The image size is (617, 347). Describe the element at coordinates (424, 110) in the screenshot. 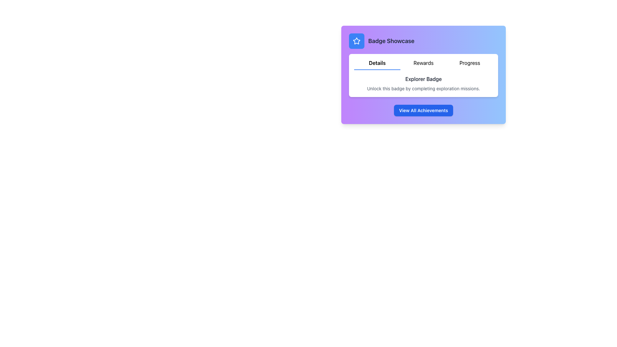

I see `the button that navigates to the achievements section within the 'Badge Showcase' panel to enable keyboard interaction` at that location.